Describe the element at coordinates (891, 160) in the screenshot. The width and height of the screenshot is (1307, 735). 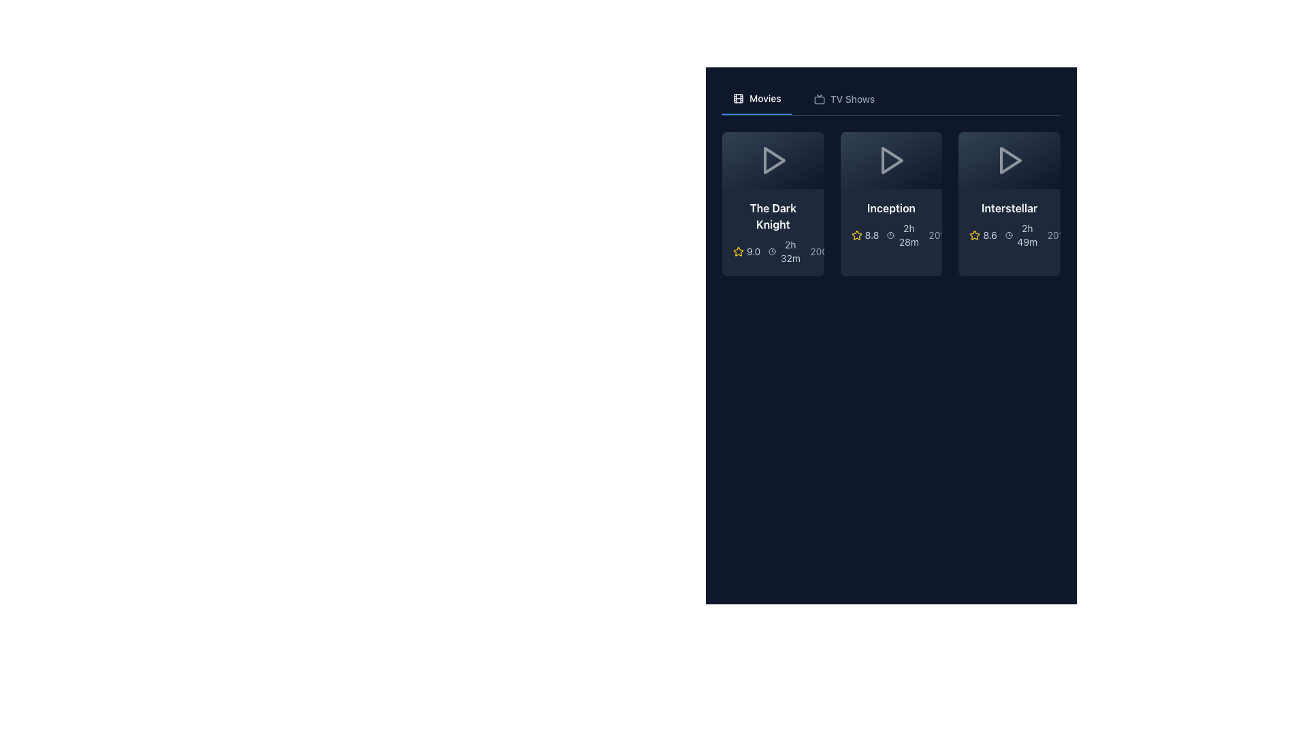
I see `the play button icon for the movie 'Inception' located in the center of the second card in a horizontal row of three cards` at that location.